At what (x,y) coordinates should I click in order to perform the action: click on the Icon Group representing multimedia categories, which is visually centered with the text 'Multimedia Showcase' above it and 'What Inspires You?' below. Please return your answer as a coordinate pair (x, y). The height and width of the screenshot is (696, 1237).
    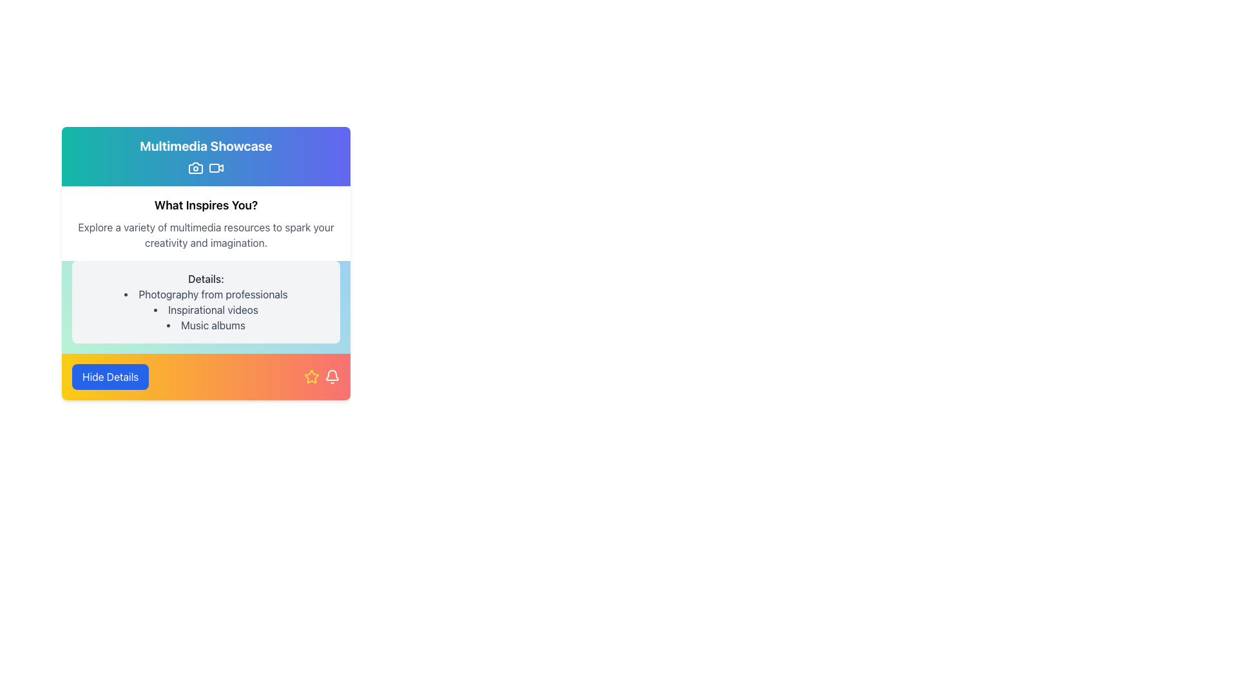
    Looking at the image, I should click on (206, 168).